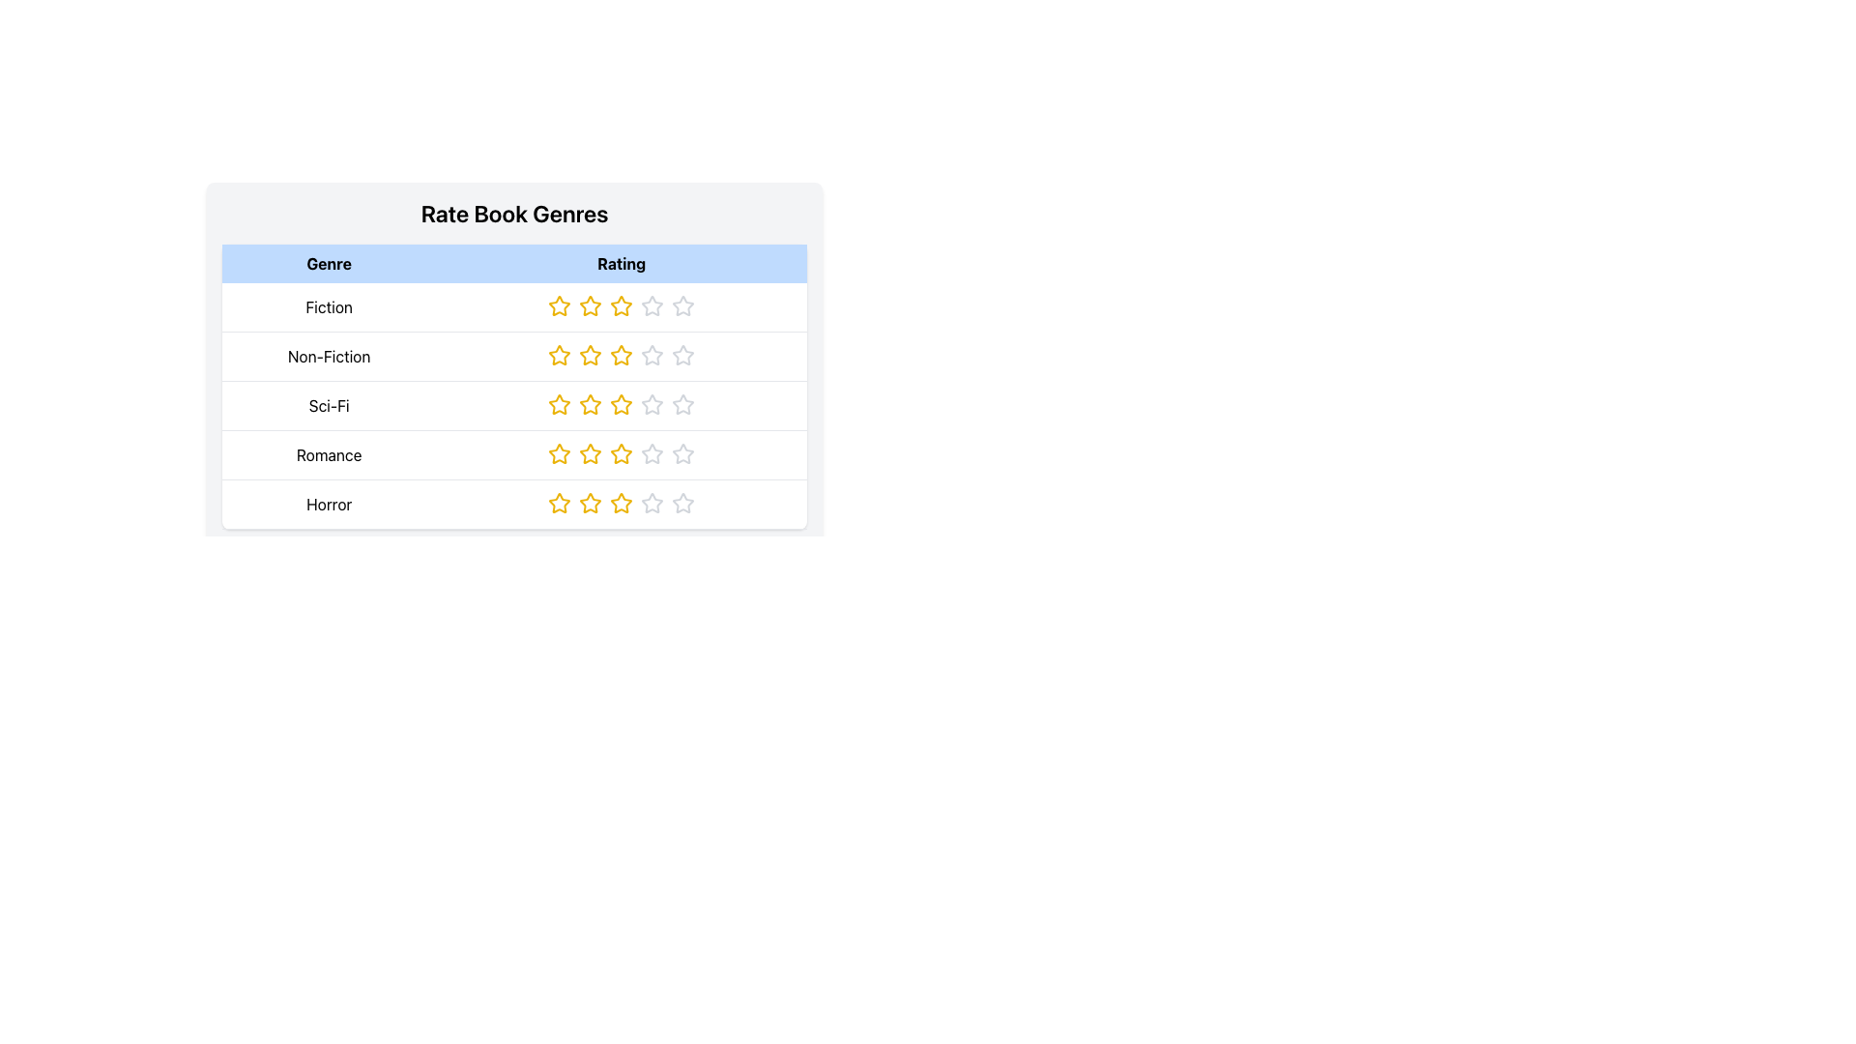  Describe the element at coordinates (652, 355) in the screenshot. I see `the third star in the rating system located in the second row of the table under the 'Rating' column adjacent to the 'Non-Fiction' genre` at that location.